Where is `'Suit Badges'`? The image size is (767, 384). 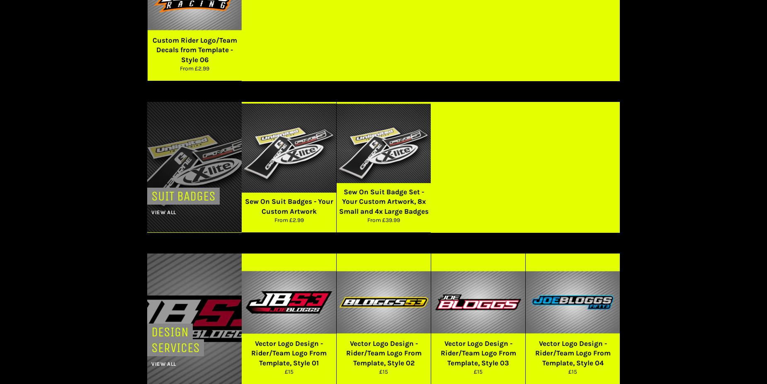
'Suit Badges' is located at coordinates (183, 196).